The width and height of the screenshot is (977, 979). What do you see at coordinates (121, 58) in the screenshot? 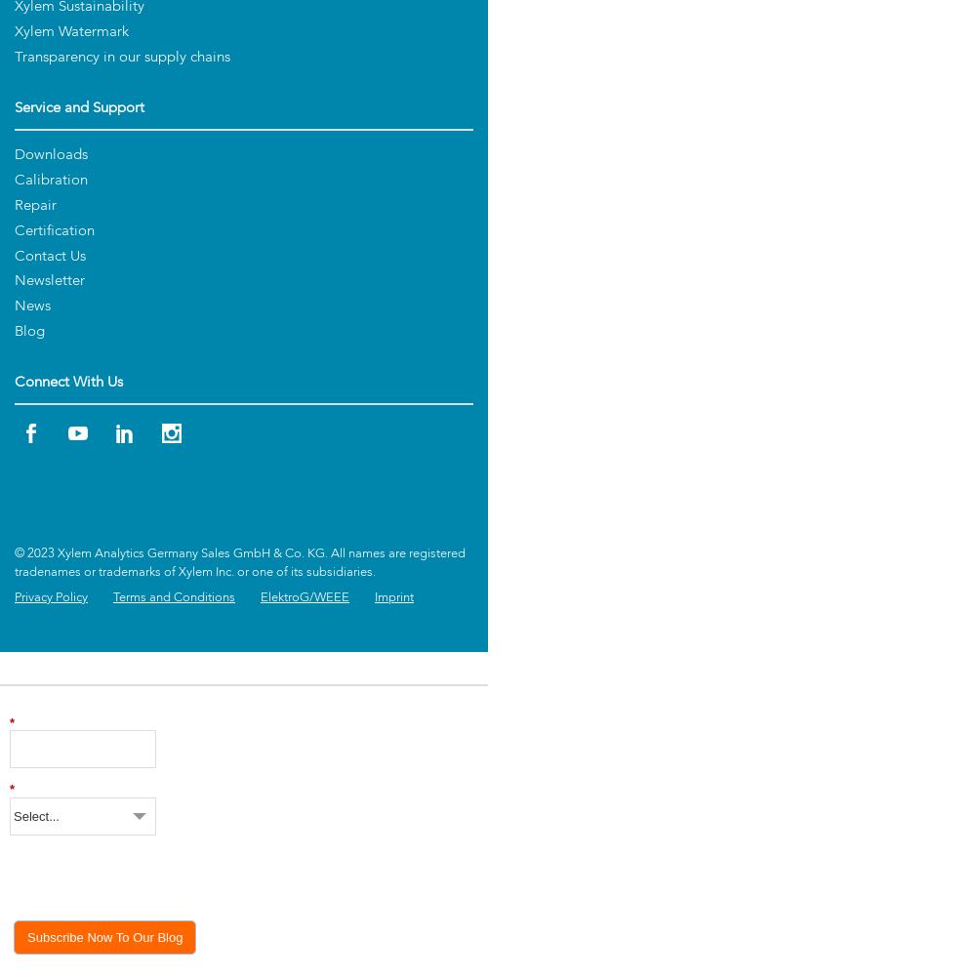
I see `'Transparency in our supply chains'` at bounding box center [121, 58].